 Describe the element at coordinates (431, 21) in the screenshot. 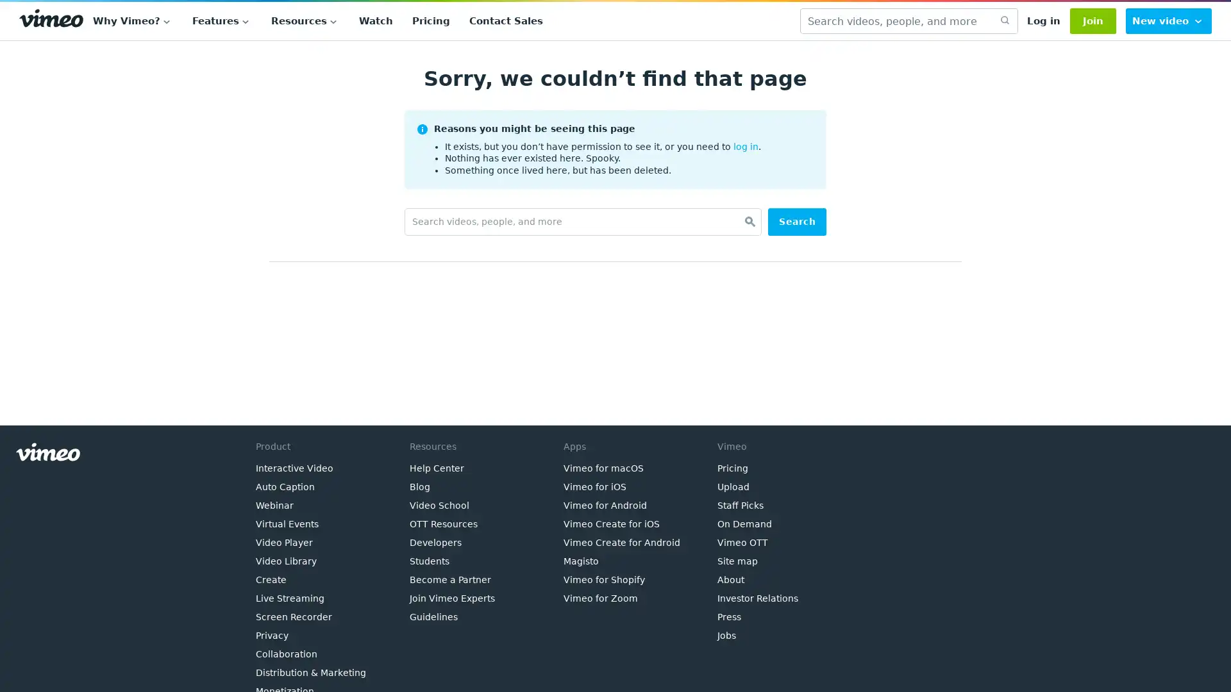

I see `Pricing` at that location.